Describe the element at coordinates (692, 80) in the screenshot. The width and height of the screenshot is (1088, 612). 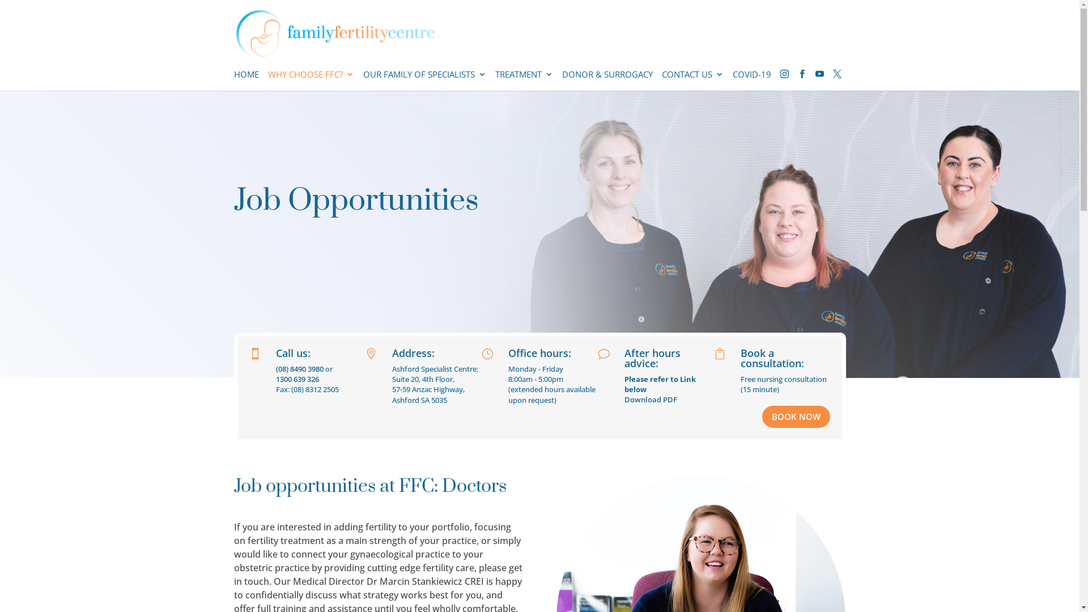
I see `'CONTACT US'` at that location.